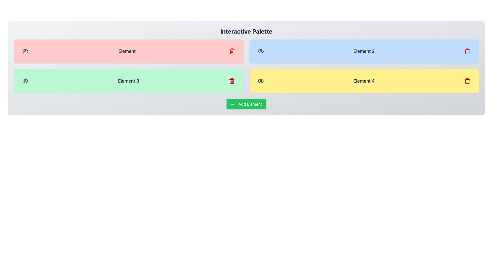  What do you see at coordinates (25, 81) in the screenshot?
I see `the visibility icon located towards the left side of the green box labeled 'Element 3'` at bounding box center [25, 81].